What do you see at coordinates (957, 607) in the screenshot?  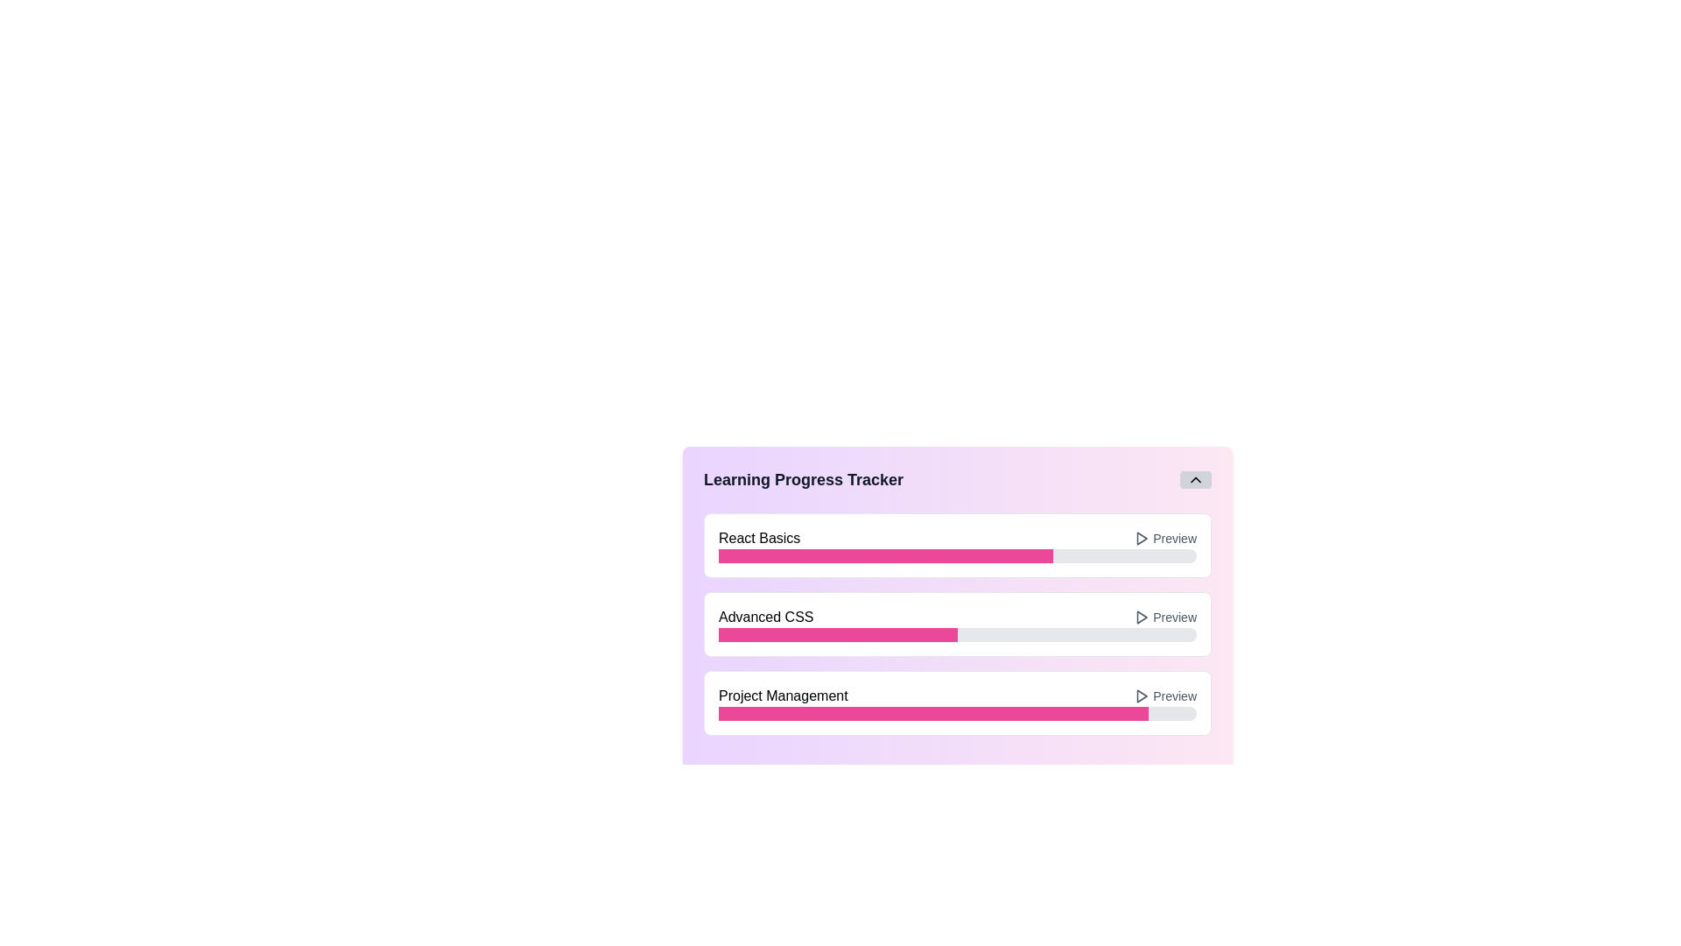 I see `the progress bar section of the Progress tracker with navigation located in the 'Learning Progress Tracker' panel` at bounding box center [957, 607].